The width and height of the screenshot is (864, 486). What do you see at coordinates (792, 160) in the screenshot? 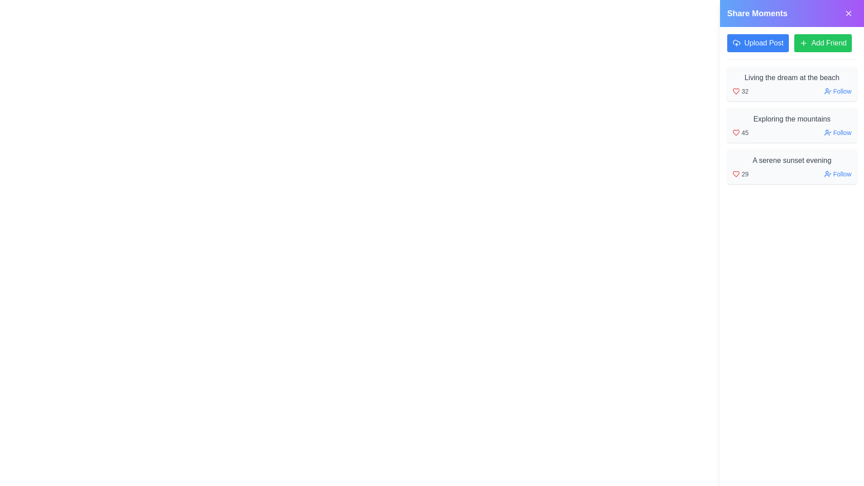
I see `the primary text element that serves as a descriptive title or summary within the vertically aligned card located at the top portion` at bounding box center [792, 160].